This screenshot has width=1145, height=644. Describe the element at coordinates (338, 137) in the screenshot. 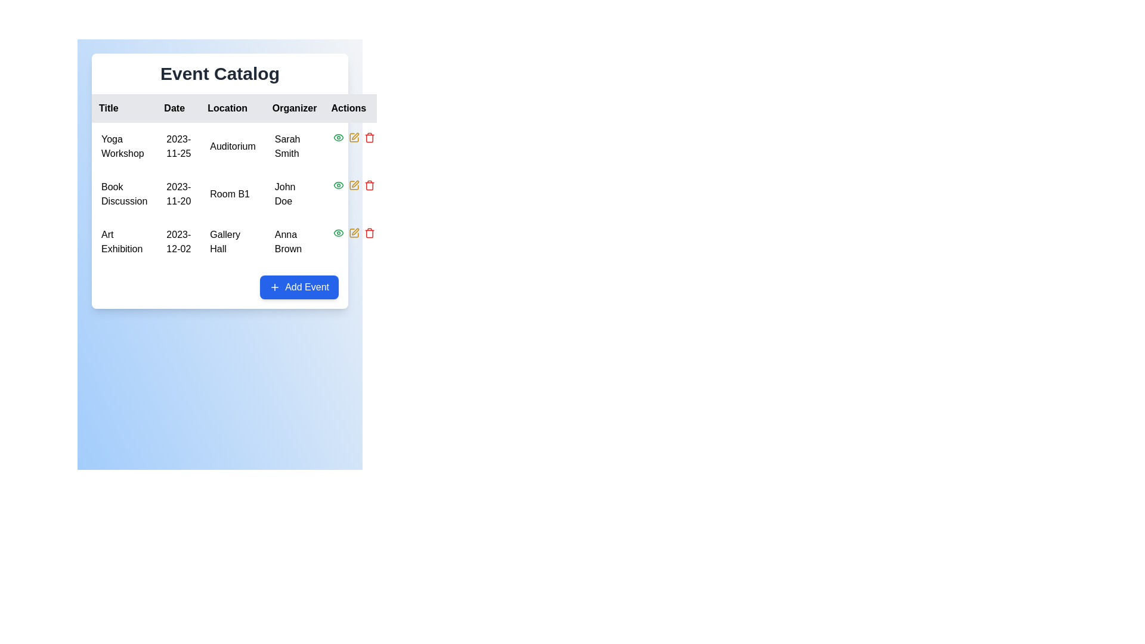

I see `the eye symbol icon in the 'Actions' column of the 'Book Discussion' row to get more information` at that location.